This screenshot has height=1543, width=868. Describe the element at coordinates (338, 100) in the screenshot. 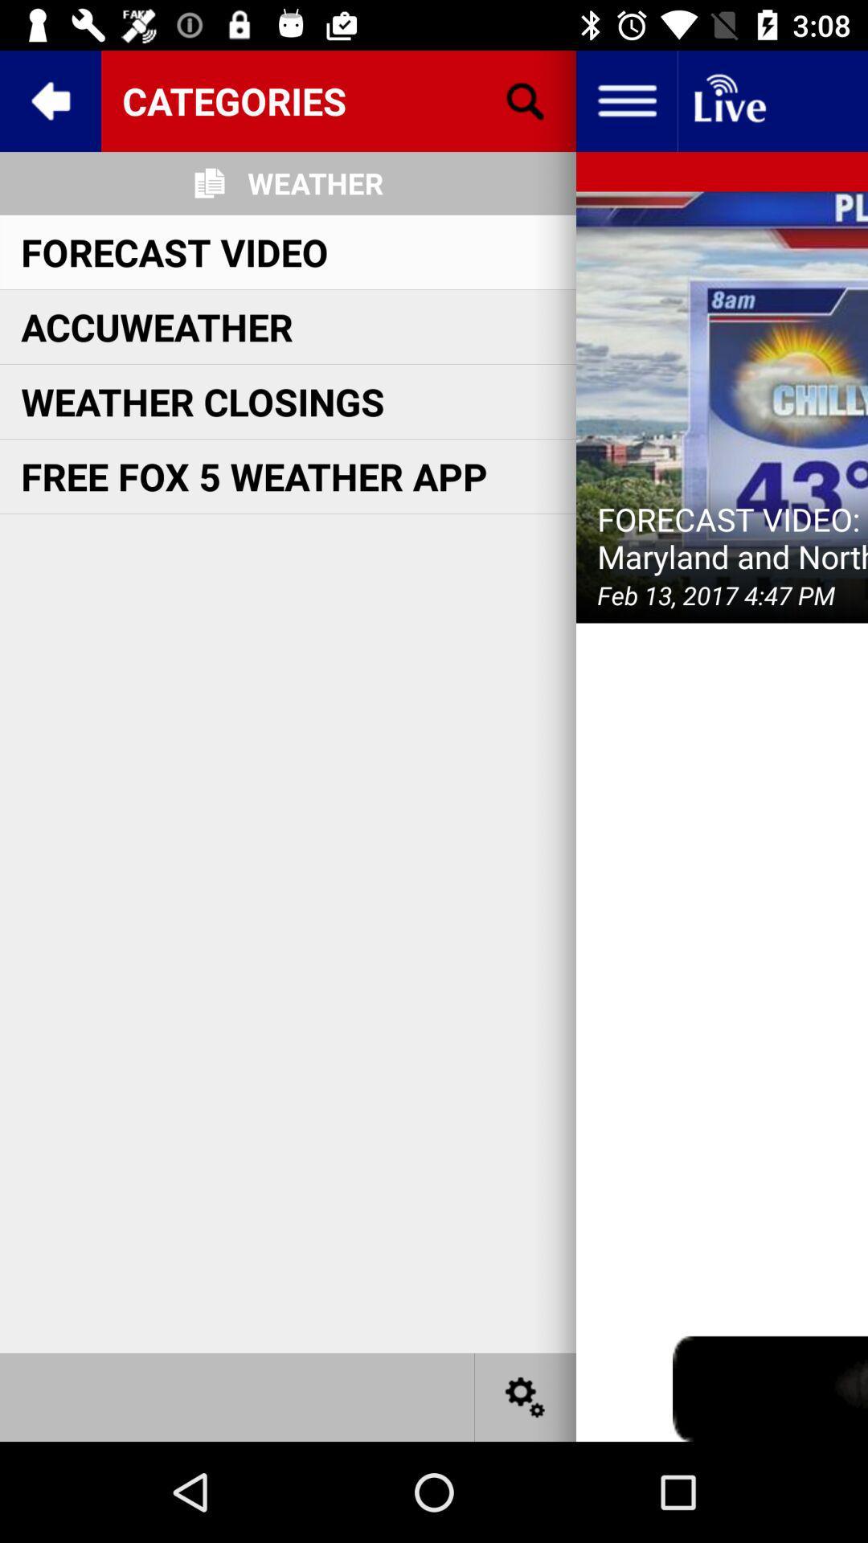

I see `the categories item` at that location.